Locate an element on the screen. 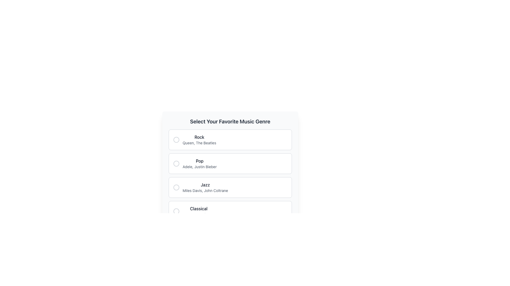 The image size is (510, 286). the text content of the label indicating the music genre option 'Rock', which is the first selectable option in the list beneath the title 'Select Your Favorite Music Genre' is located at coordinates (199, 137).